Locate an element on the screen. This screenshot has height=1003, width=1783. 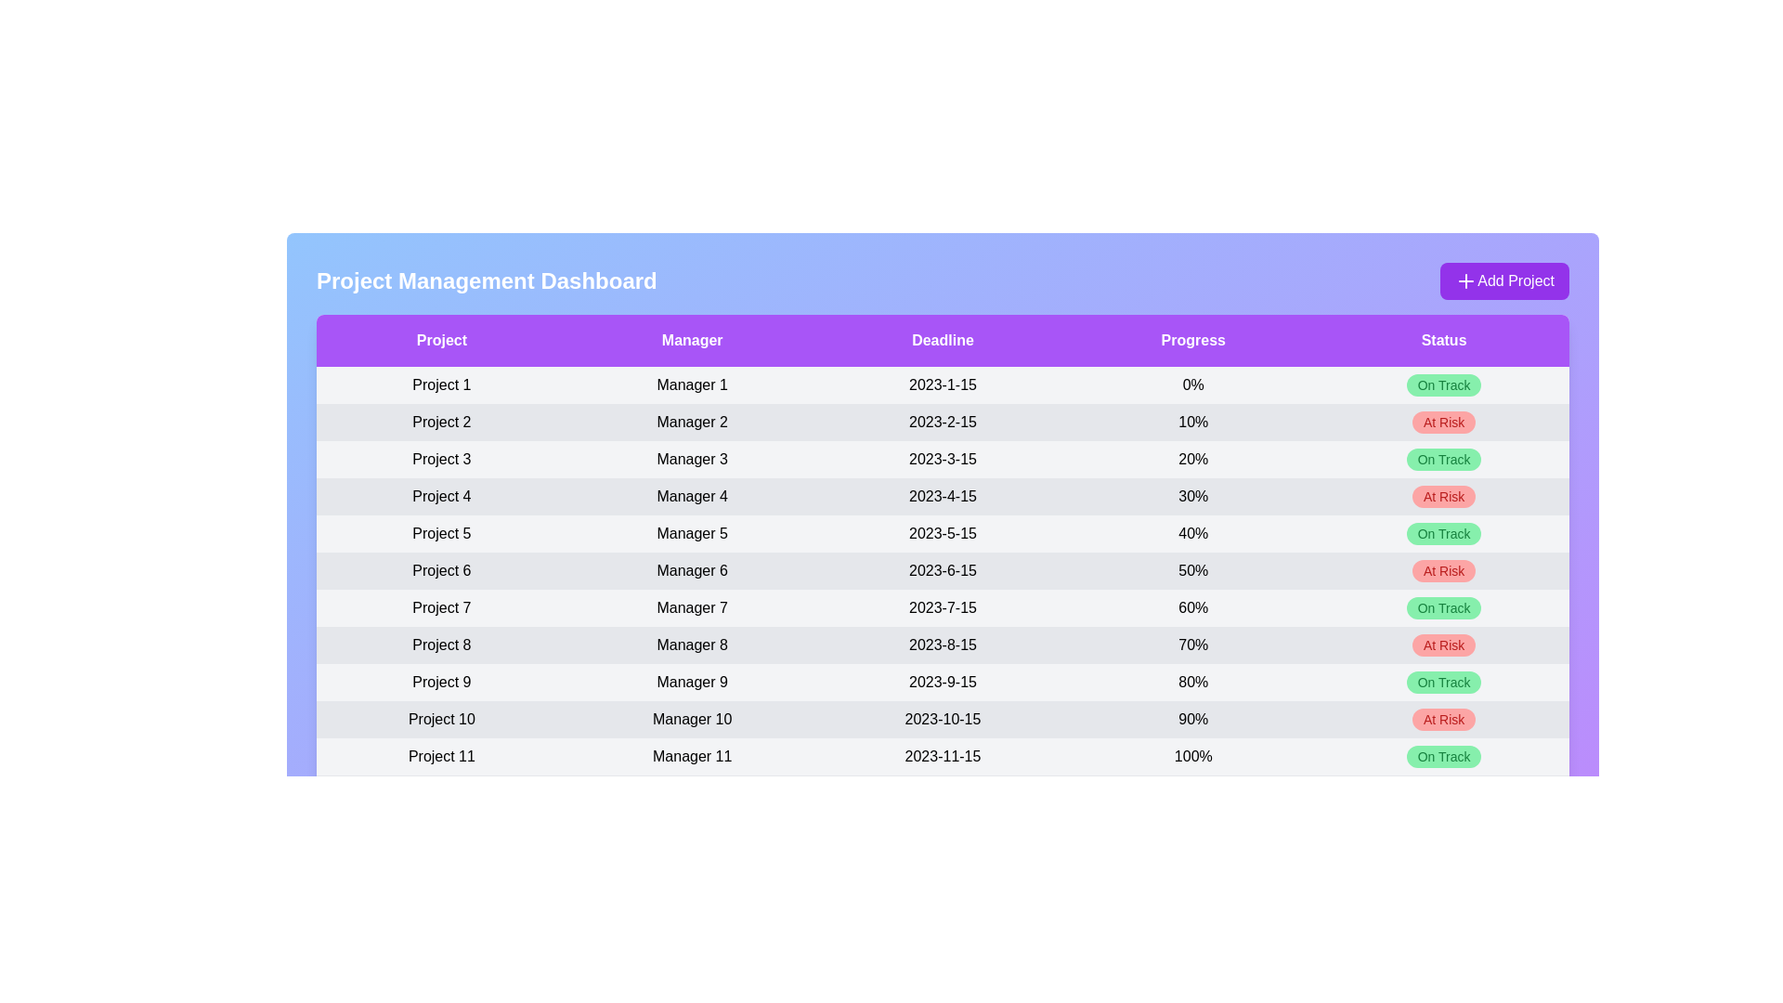
the column header labeled Deadline to sort the table by that column is located at coordinates (943, 340).